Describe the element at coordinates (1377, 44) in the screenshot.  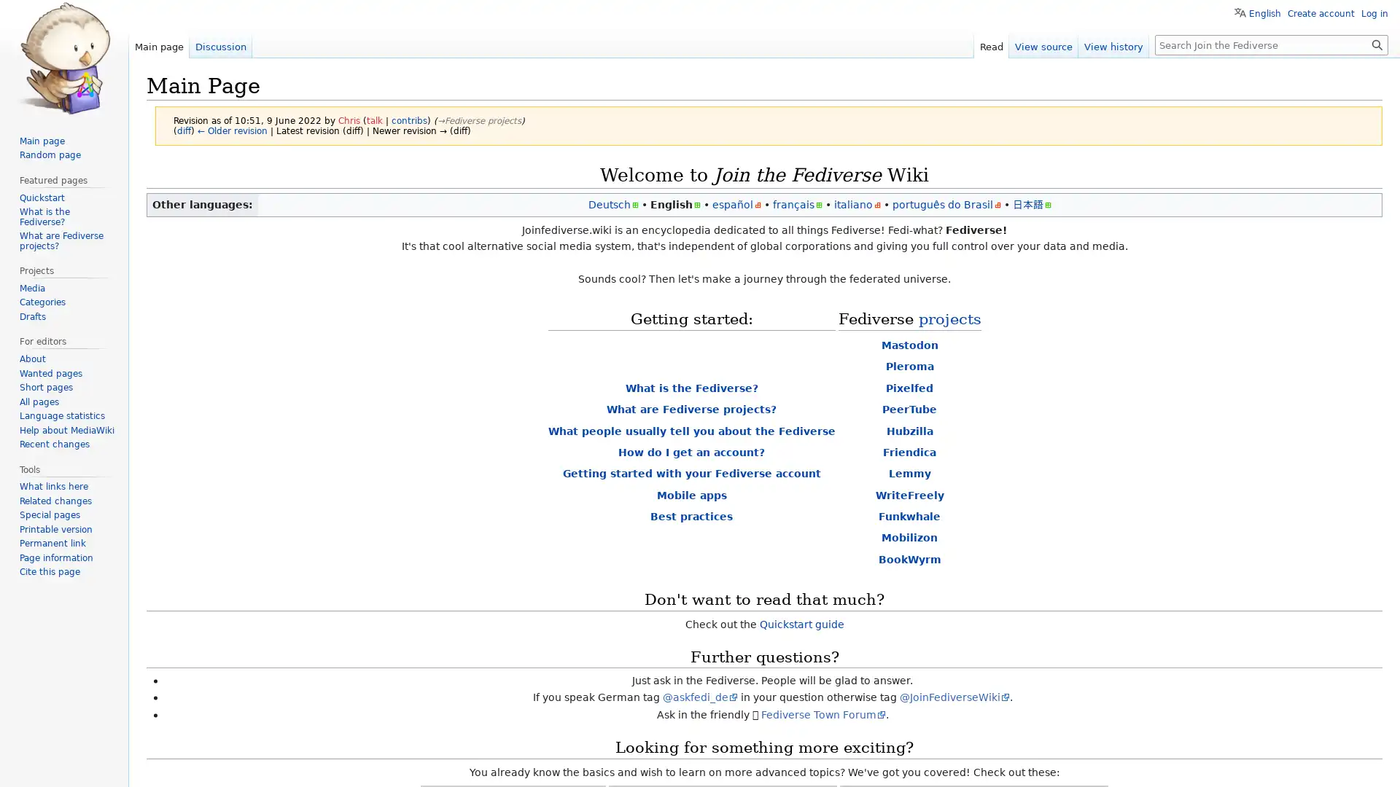
I see `Search` at that location.